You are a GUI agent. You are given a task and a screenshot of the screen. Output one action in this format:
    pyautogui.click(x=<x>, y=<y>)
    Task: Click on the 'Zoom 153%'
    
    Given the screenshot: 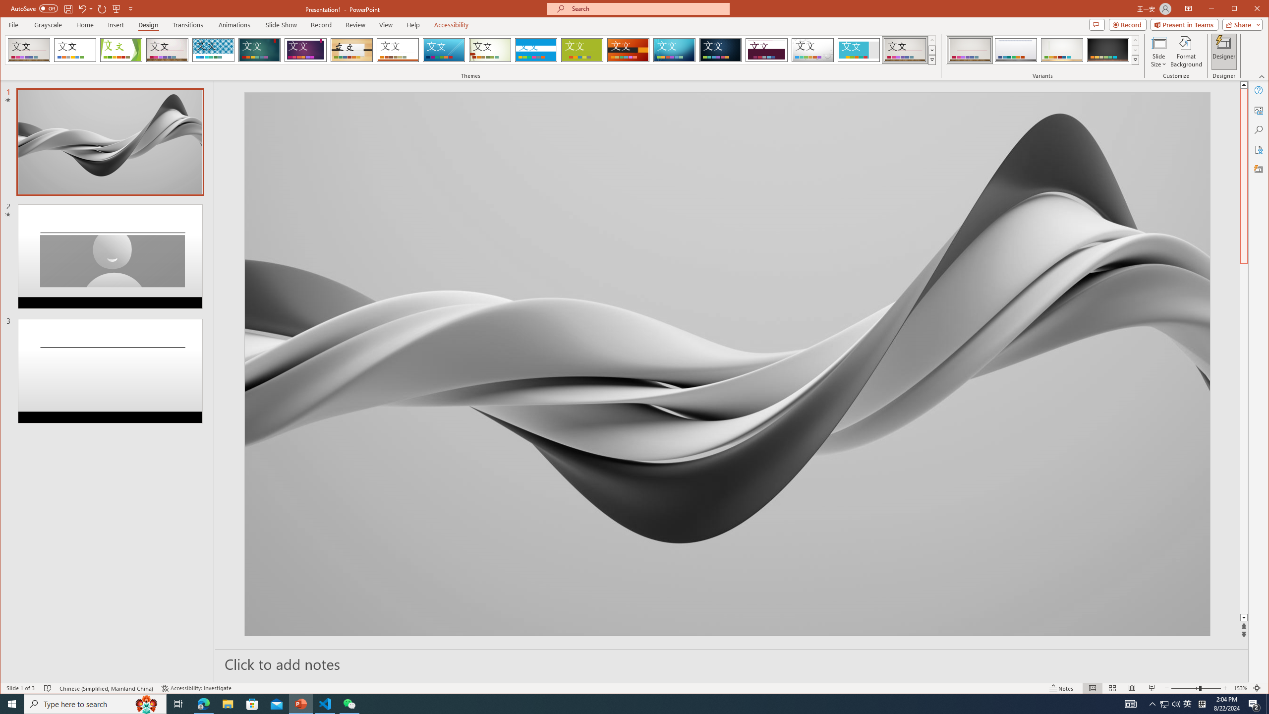 What is the action you would take?
    pyautogui.click(x=1240, y=688)
    